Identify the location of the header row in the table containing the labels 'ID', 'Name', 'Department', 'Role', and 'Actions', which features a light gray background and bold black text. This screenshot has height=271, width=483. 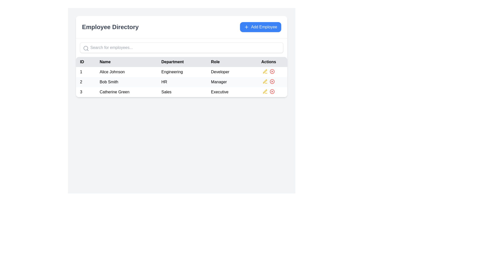
(181, 61).